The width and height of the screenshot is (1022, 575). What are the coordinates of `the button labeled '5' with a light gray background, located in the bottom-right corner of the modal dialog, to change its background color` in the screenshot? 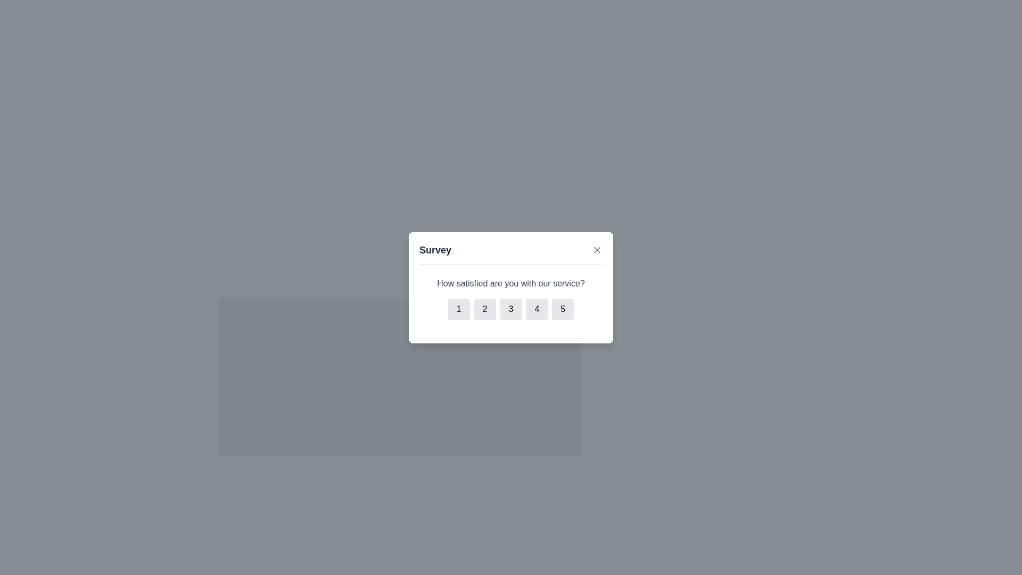 It's located at (562, 309).